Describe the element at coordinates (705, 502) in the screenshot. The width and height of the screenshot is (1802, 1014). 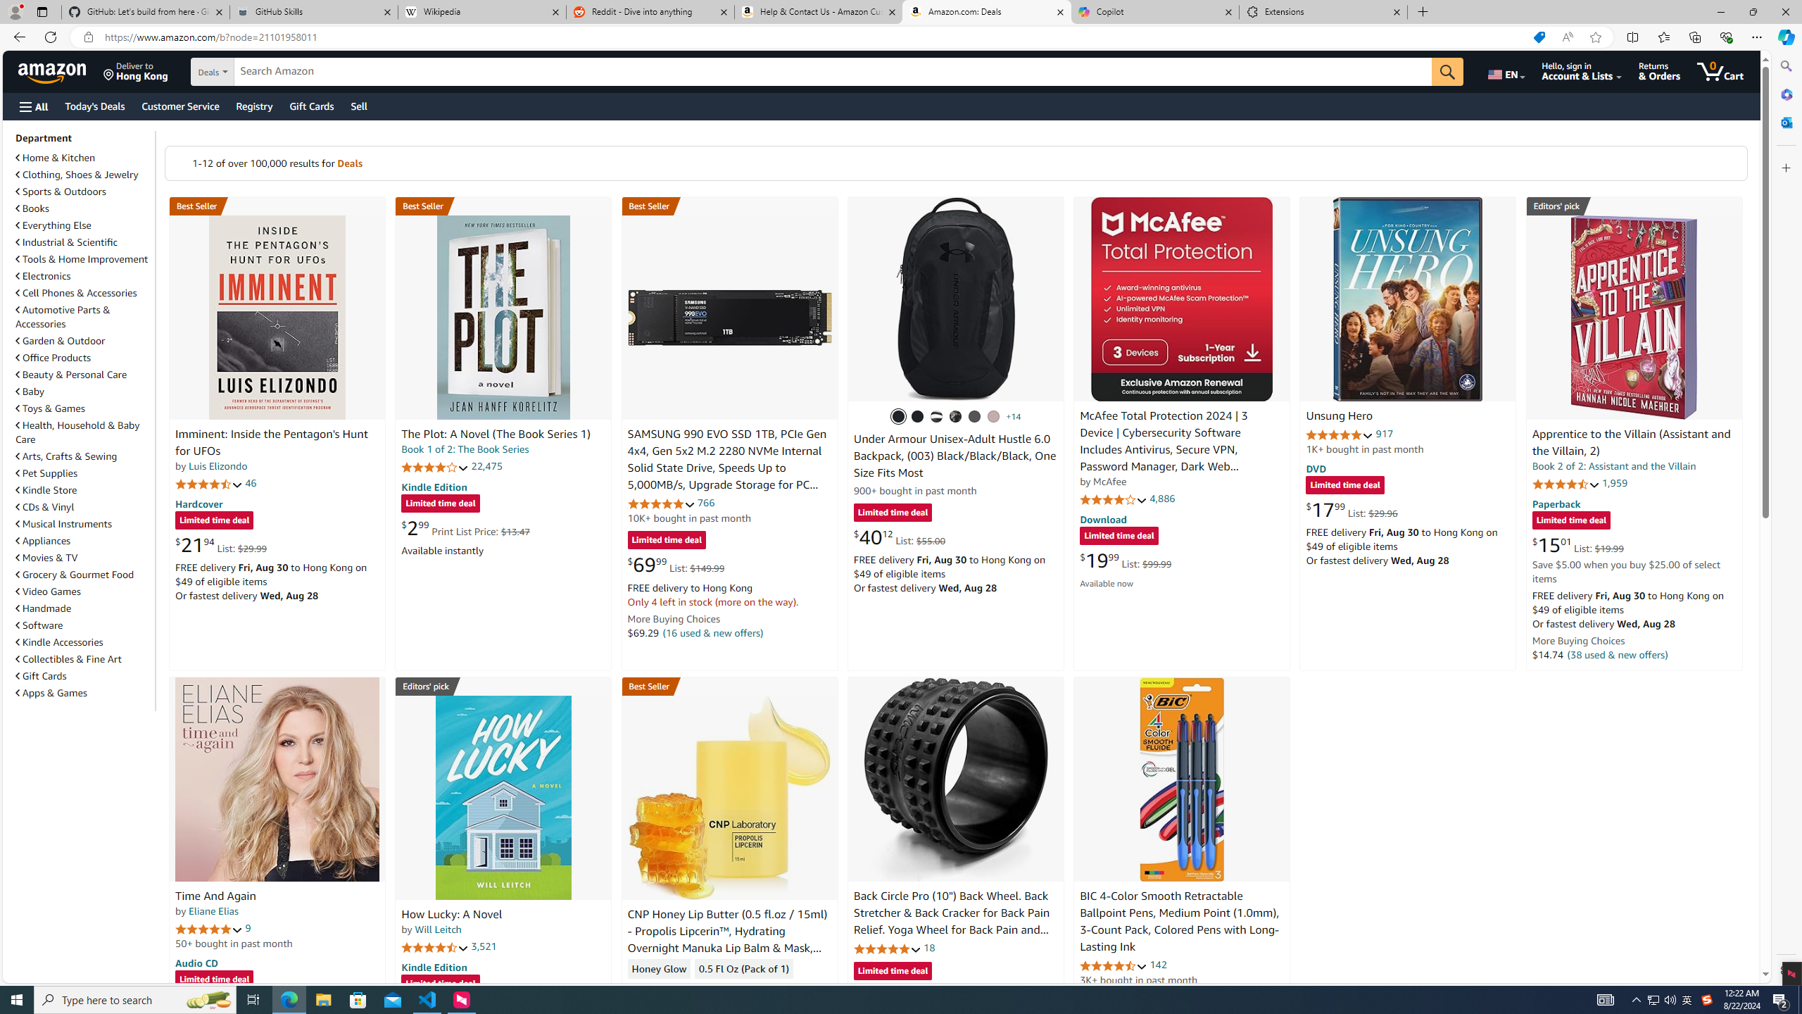
I see `'766'` at that location.